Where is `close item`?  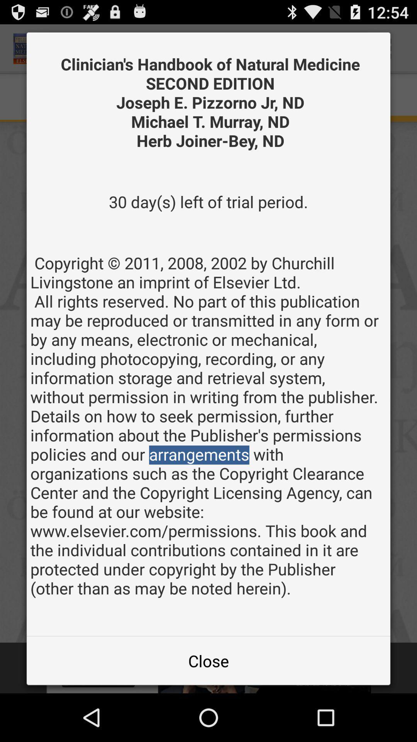
close item is located at coordinates (208, 660).